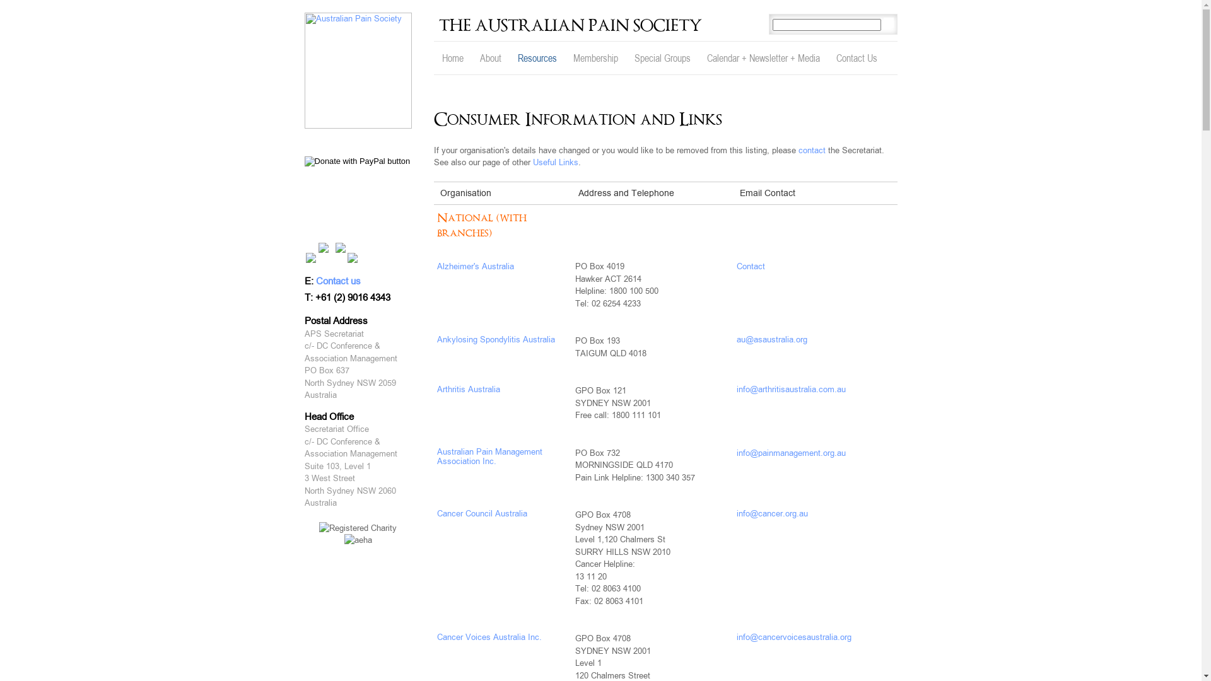  Describe the element at coordinates (488, 637) in the screenshot. I see `'Cancer Voices Australia Inc.'` at that location.